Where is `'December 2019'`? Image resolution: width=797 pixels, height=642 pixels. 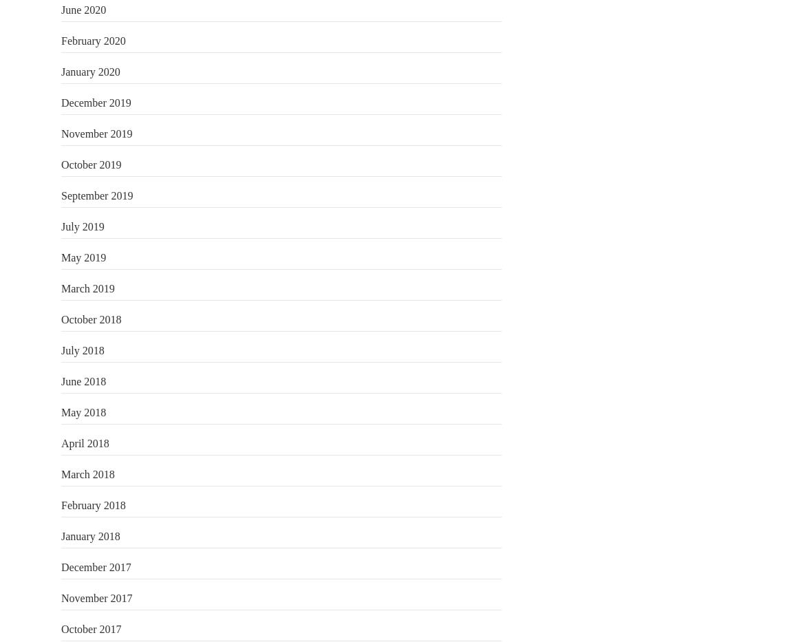 'December 2019' is located at coordinates (95, 101).